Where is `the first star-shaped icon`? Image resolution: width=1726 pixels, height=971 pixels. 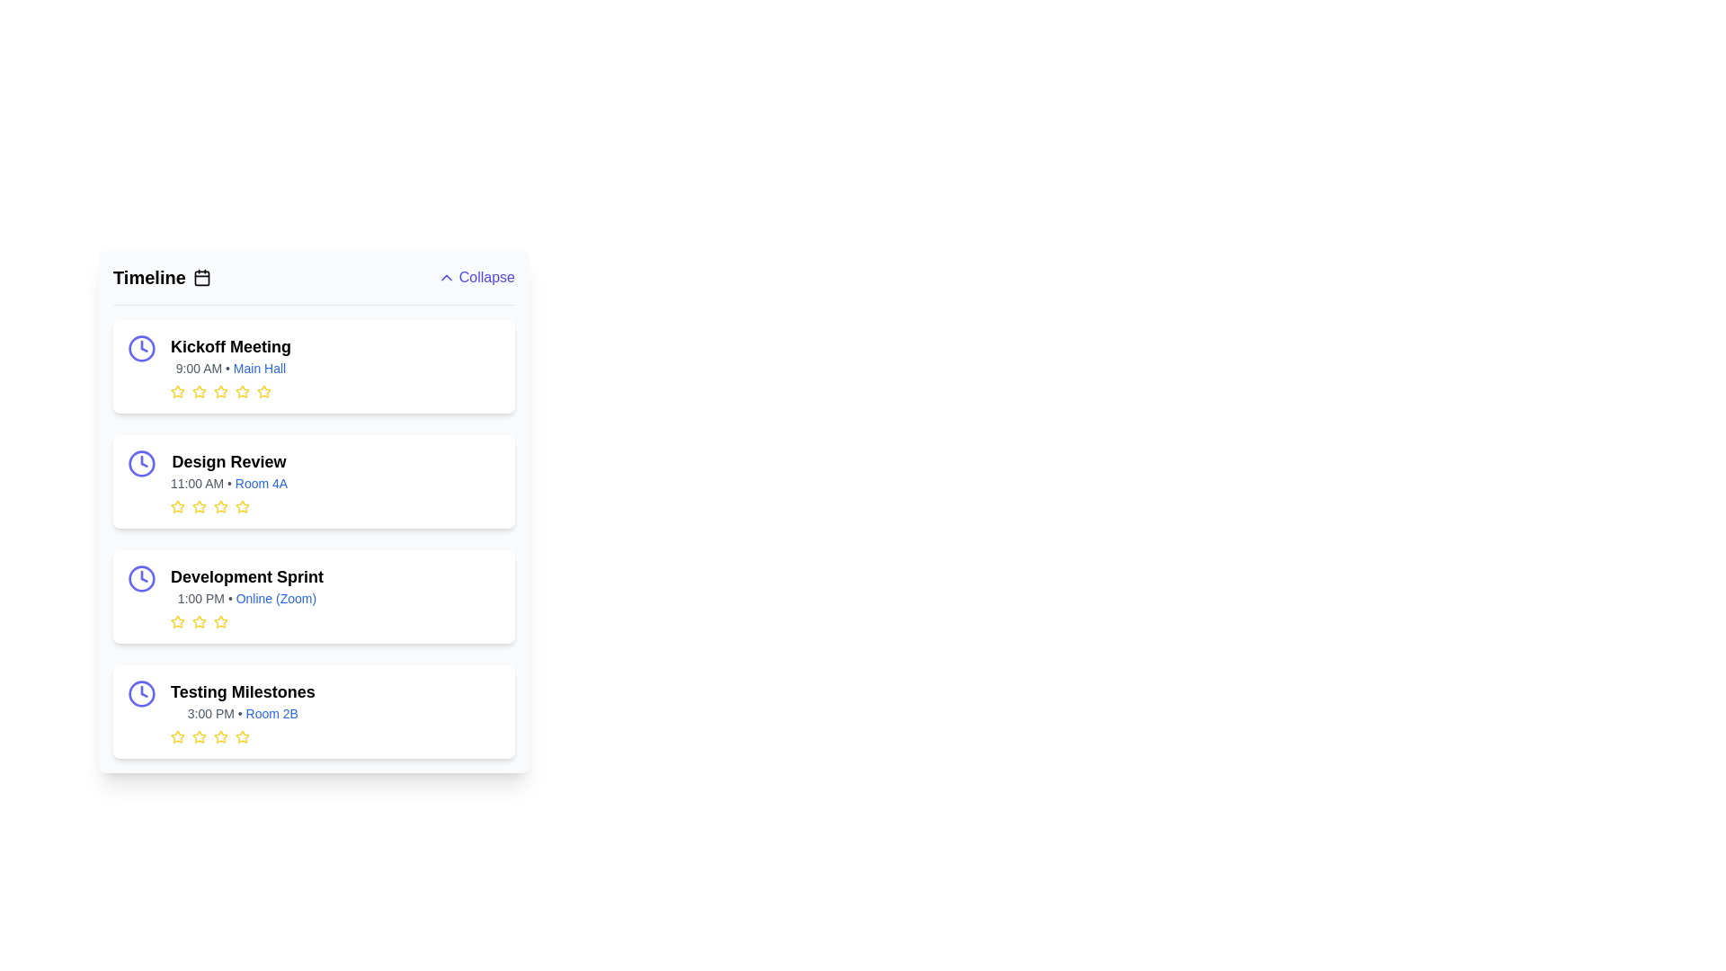
the first star-shaped icon is located at coordinates (199, 390).